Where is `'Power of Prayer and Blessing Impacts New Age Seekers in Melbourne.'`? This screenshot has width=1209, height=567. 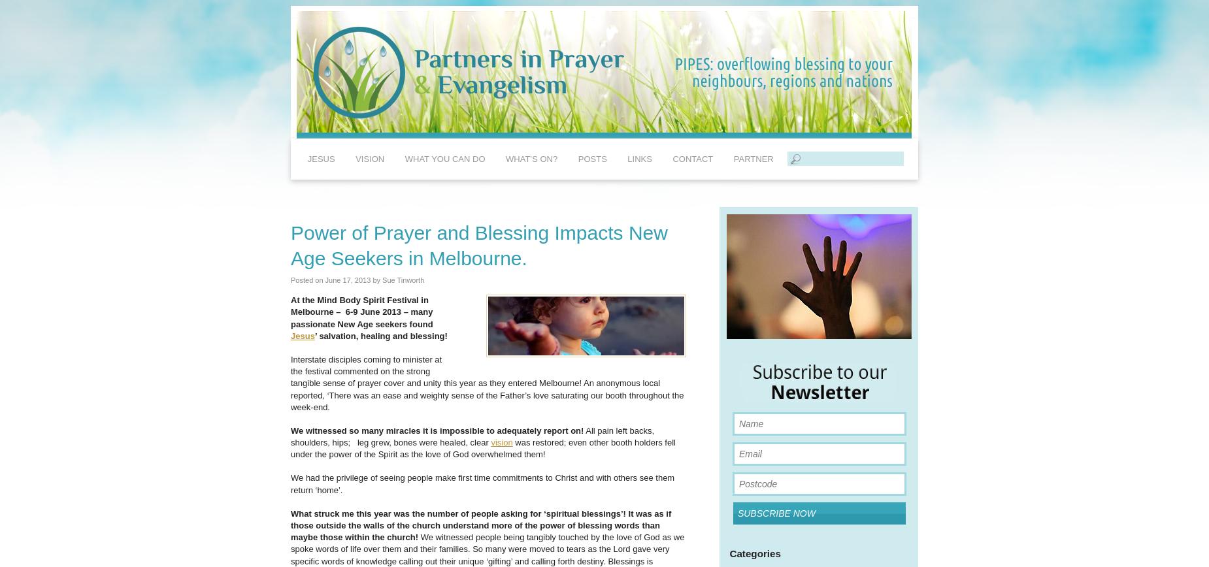 'Power of Prayer and Blessing Impacts New Age Seekers in Melbourne.' is located at coordinates (290, 246).